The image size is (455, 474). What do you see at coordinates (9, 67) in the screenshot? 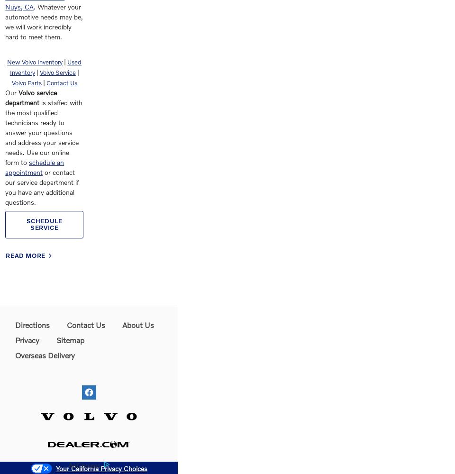
I see `'Used Inventory'` at bounding box center [9, 67].